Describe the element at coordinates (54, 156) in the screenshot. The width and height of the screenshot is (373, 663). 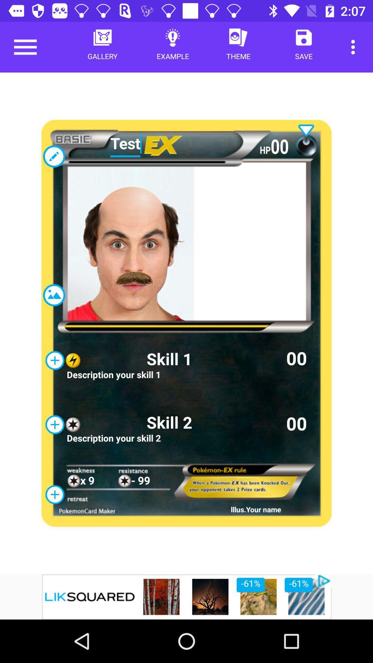
I see `the edit icon` at that location.